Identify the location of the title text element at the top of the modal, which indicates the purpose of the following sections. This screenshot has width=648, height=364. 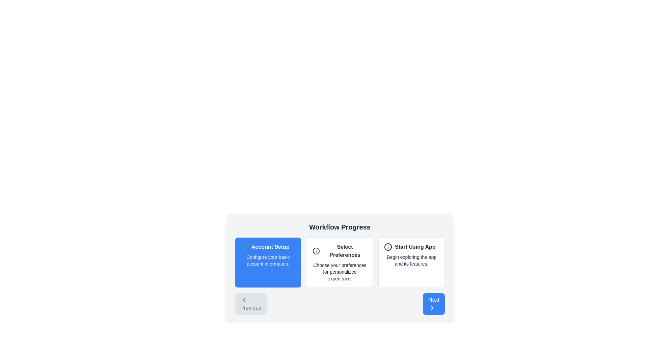
(340, 227).